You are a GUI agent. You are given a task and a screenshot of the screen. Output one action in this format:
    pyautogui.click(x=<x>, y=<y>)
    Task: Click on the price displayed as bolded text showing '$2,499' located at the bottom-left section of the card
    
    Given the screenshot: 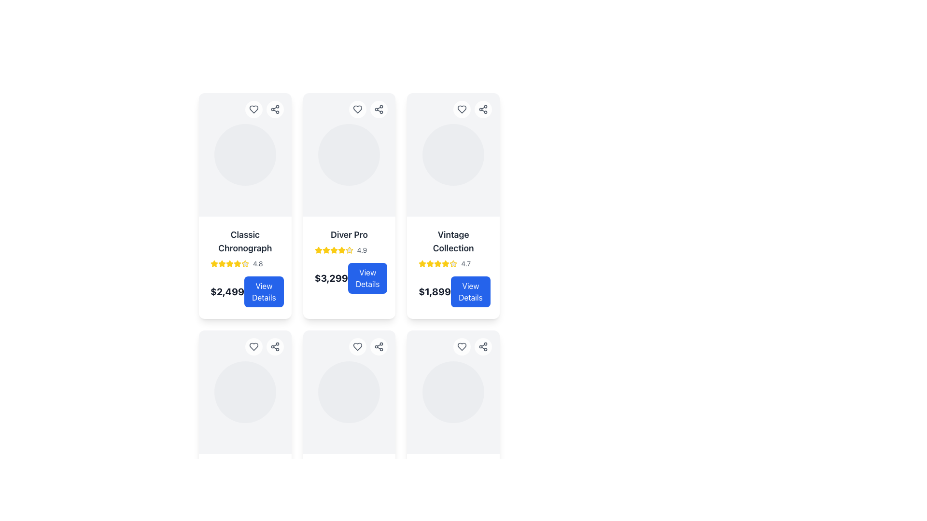 What is the action you would take?
    pyautogui.click(x=226, y=291)
    